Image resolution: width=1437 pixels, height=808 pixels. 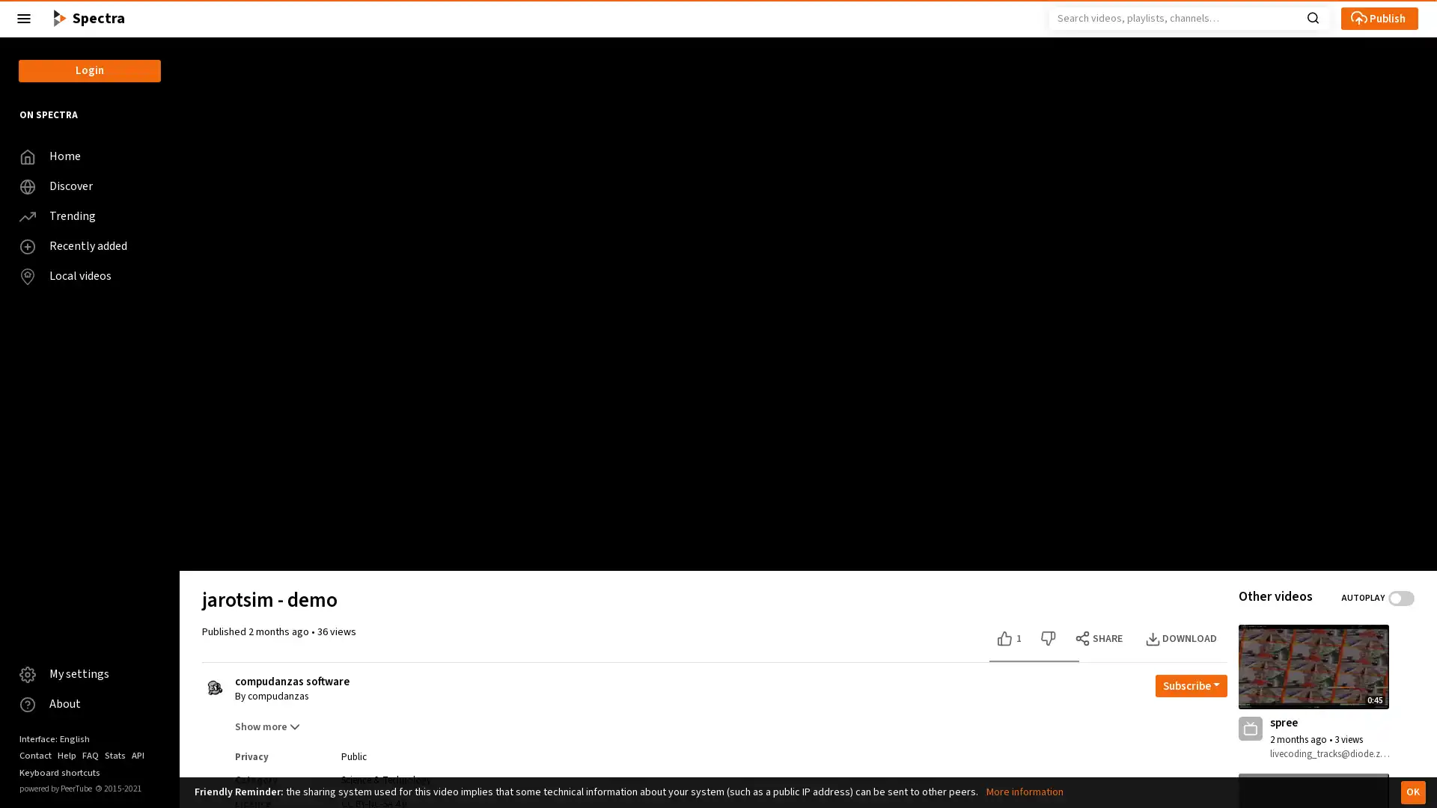 What do you see at coordinates (1099, 638) in the screenshot?
I see `SHARE` at bounding box center [1099, 638].